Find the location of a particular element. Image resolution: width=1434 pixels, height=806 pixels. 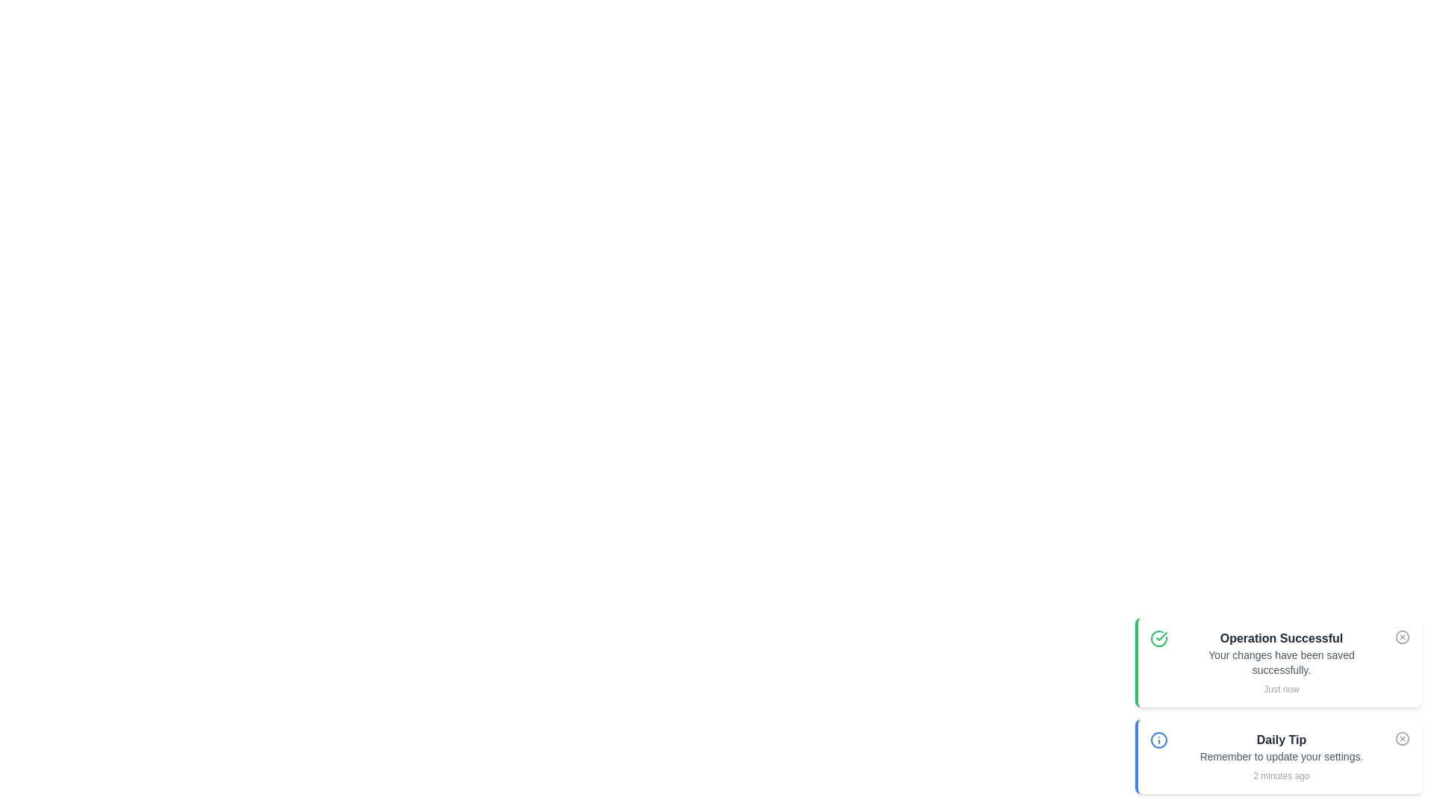

the Circular close button located at the bottom-right corner of the 'Daily Tip' notification card to change its visual state is located at coordinates (1401, 739).